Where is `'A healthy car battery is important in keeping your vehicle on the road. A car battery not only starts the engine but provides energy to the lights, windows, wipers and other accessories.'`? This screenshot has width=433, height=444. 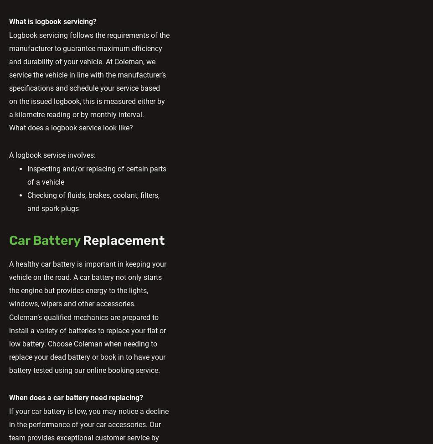 'A healthy car battery is important in keeping your vehicle on the road. A car battery not only starts the engine but provides energy to the lights, windows, wipers and other accessories.' is located at coordinates (88, 283).